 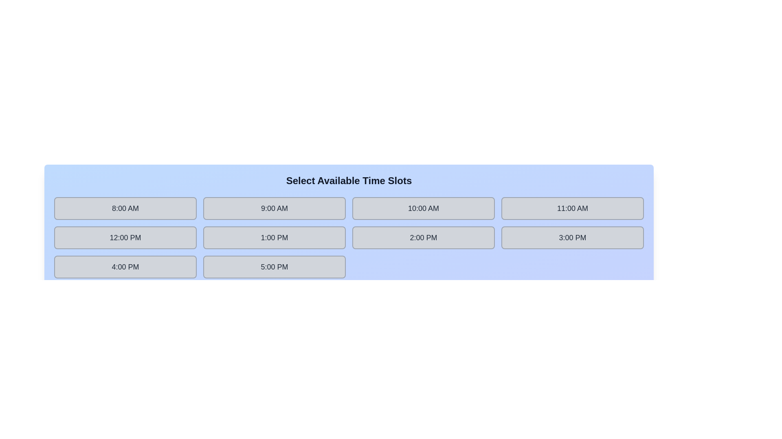 What do you see at coordinates (572, 208) in the screenshot?
I see `the time slot labeled 11:00 AM` at bounding box center [572, 208].